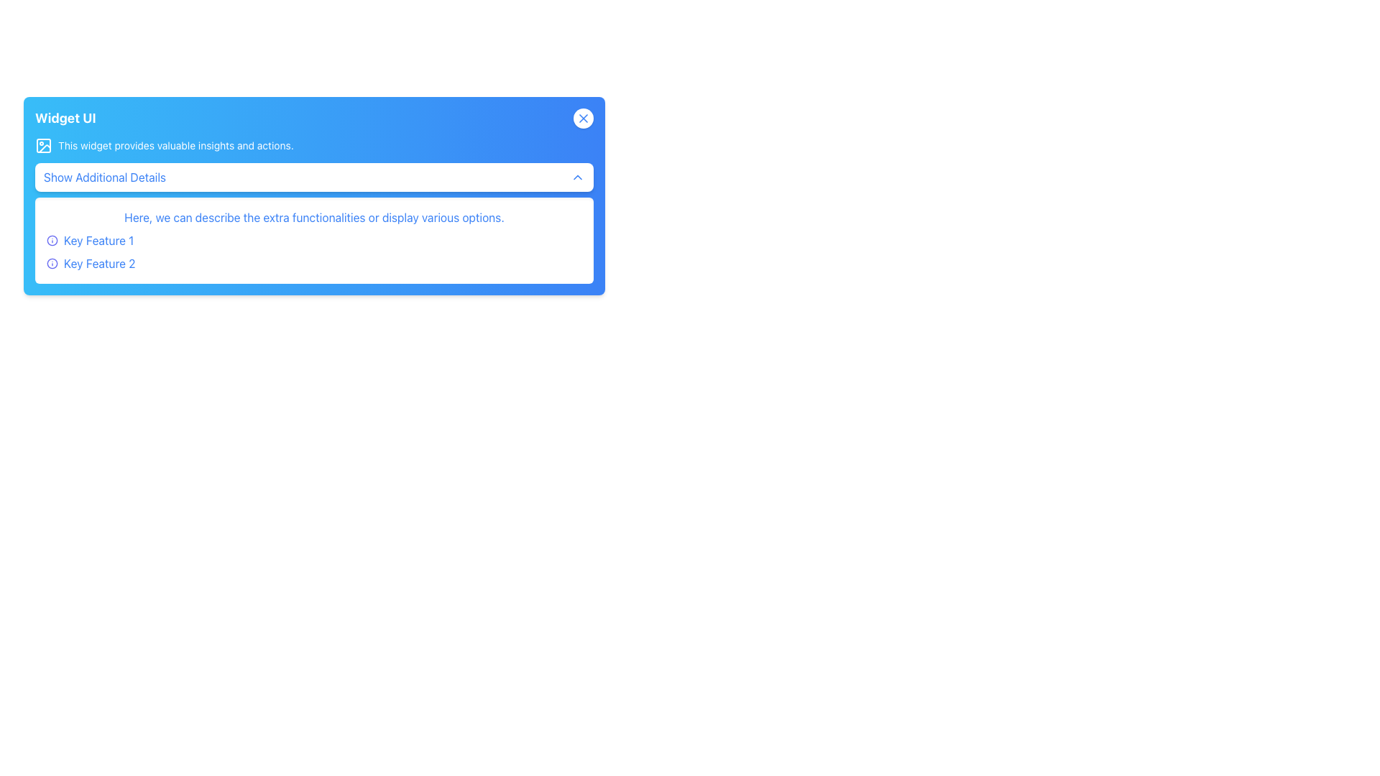 Image resolution: width=1380 pixels, height=776 pixels. I want to click on static text content displayed centrally in the 'Widget UI', positioned above the 'Show Additional Details' button, so click(313, 211).